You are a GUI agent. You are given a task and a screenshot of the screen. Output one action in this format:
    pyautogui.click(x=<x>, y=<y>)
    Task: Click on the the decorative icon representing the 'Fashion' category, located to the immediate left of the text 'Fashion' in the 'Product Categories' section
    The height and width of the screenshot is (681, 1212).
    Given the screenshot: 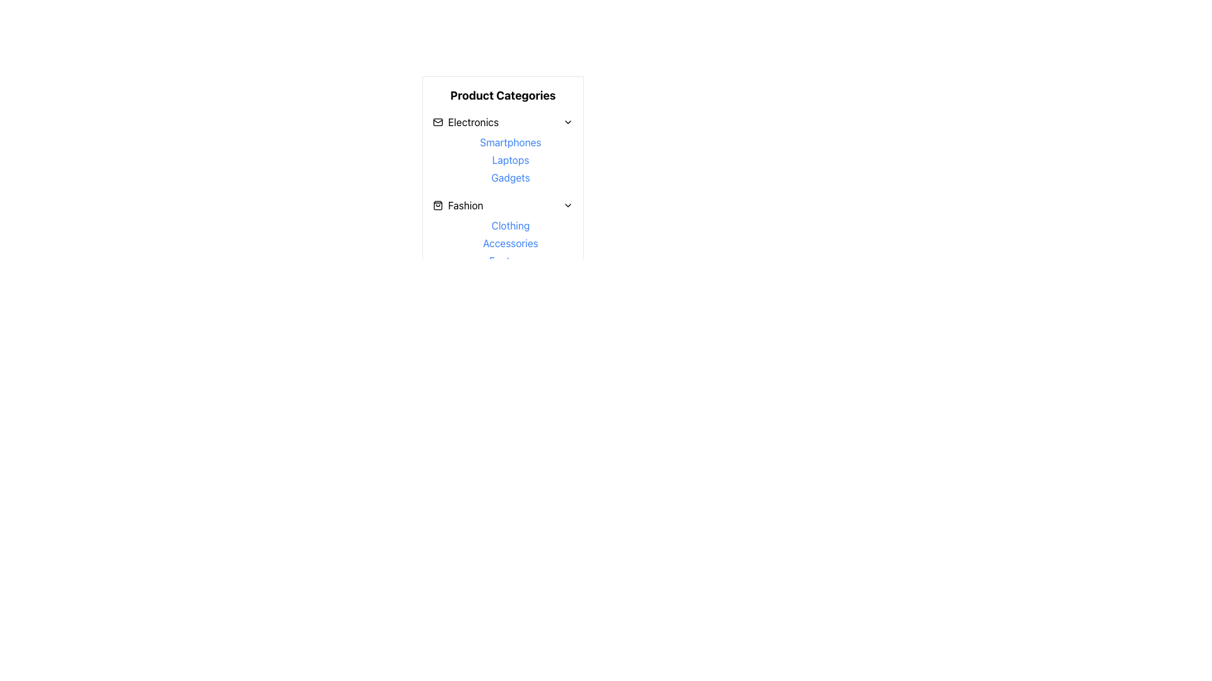 What is the action you would take?
    pyautogui.click(x=438, y=205)
    